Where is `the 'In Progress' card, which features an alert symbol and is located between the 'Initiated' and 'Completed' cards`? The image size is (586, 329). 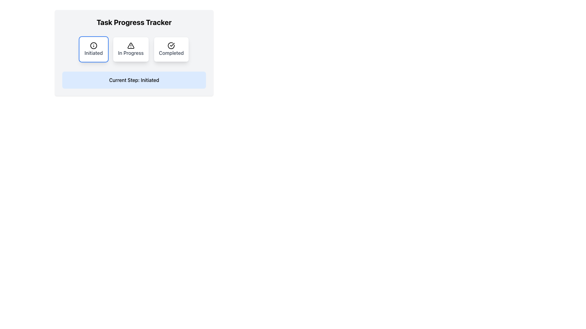
the 'In Progress' card, which features an alert symbol and is located between the 'Initiated' and 'Completed' cards is located at coordinates (134, 49).